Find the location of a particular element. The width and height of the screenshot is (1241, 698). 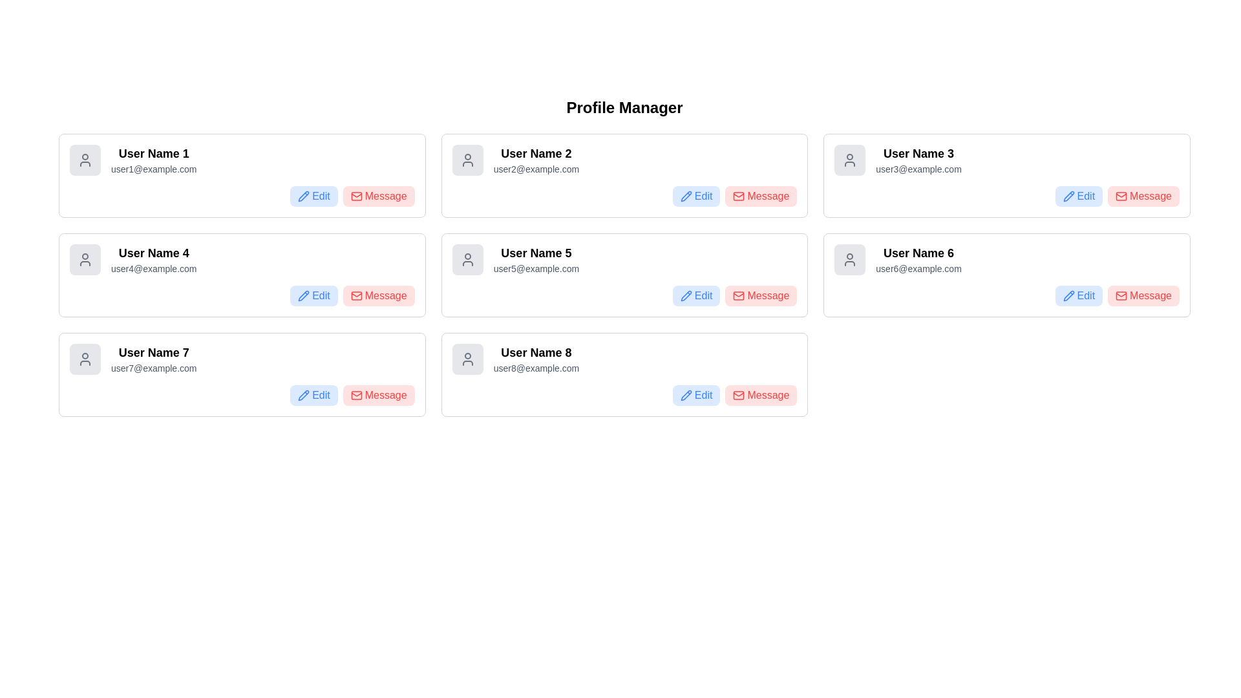

the user profile icon with a gray background and minimalist outline, located in the 'User Name 4' profile card, positioned to the left of the user's name and email text is located at coordinates (85, 259).